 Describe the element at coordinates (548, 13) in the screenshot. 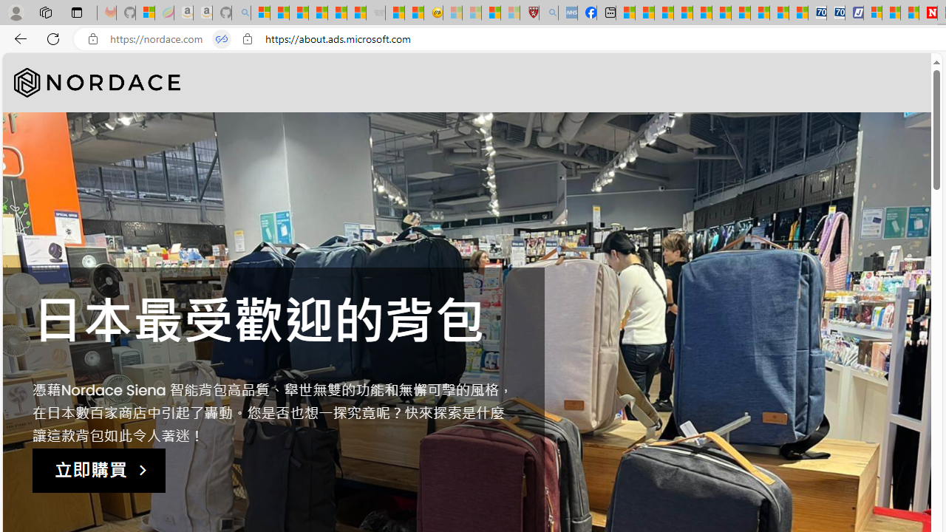

I see `'list of asthma inhalers uk - Search - Sleeping'` at that location.